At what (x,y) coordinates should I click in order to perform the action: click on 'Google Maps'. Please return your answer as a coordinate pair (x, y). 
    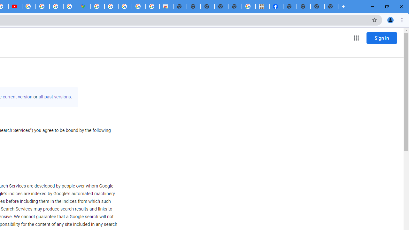
    Looking at the image, I should click on (83, 6).